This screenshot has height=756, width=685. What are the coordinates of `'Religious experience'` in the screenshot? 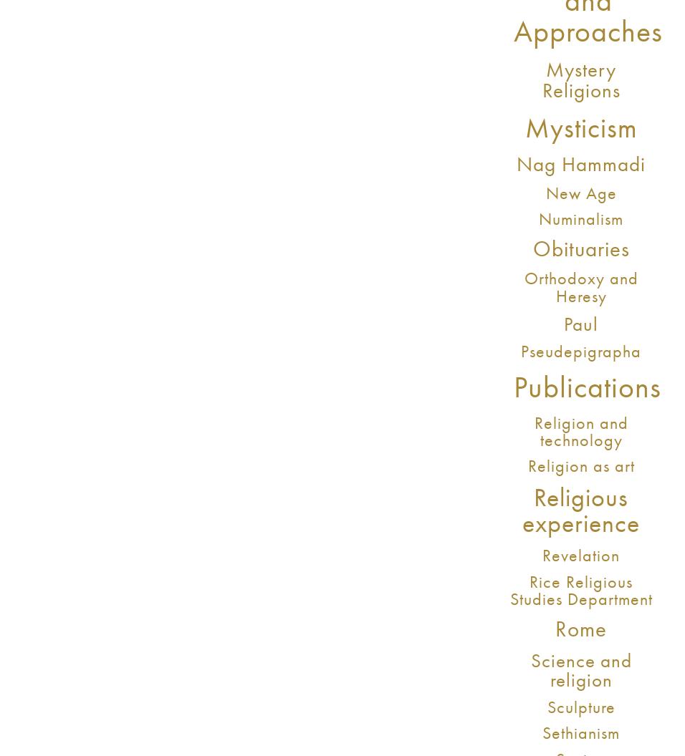 It's located at (580, 510).